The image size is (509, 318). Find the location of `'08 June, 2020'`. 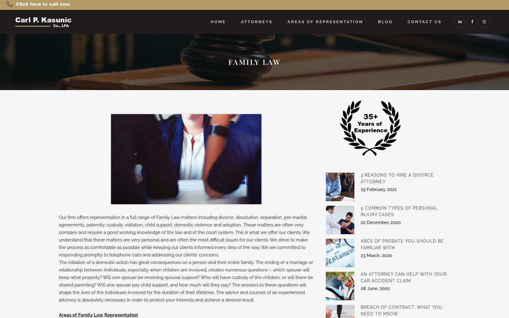

'08 June, 2020' is located at coordinates (375, 288).